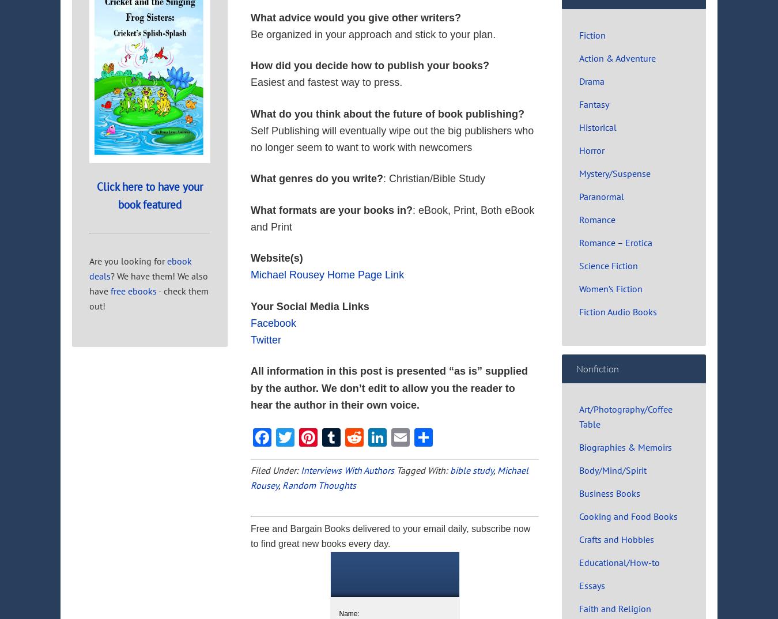  Describe the element at coordinates (594, 104) in the screenshot. I see `'Fantasy'` at that location.